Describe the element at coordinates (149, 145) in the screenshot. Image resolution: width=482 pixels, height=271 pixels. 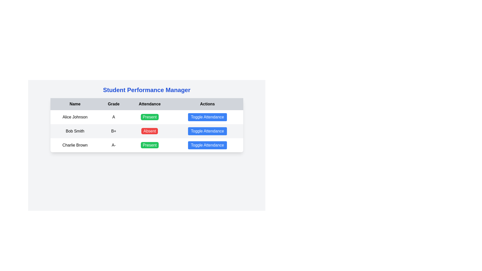
I see `the green rectangle label that displays the text 'Present', located in the third row of the attendance column for 'Charlie Brown'` at that location.